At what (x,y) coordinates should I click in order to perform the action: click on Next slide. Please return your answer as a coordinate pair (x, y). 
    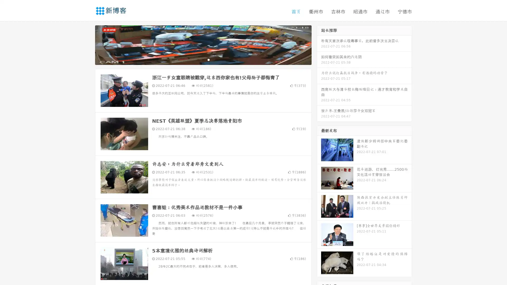
    Looking at the image, I should click on (319, 44).